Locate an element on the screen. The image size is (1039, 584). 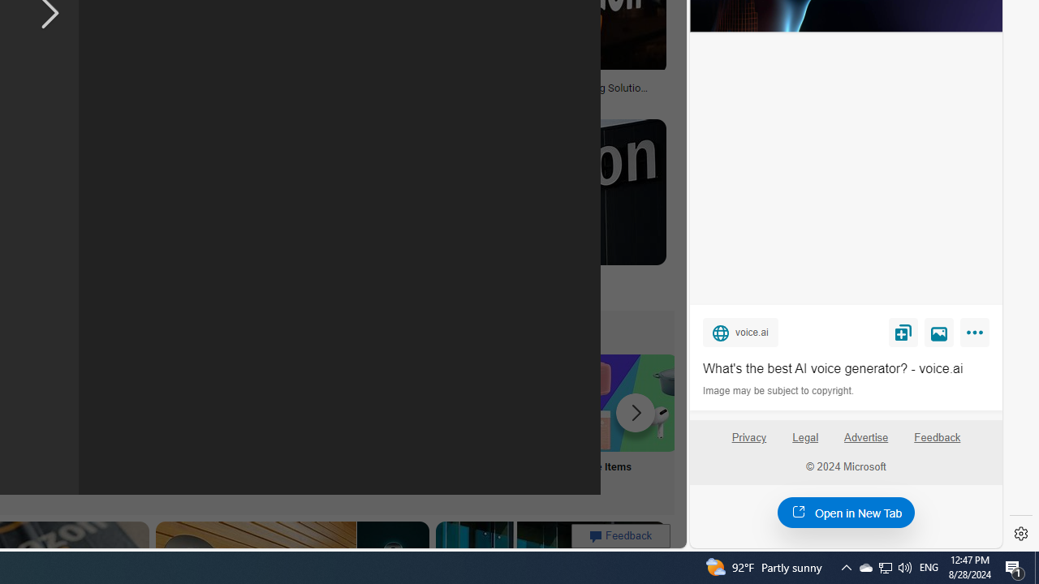
'Advertise' is located at coordinates (865, 444).